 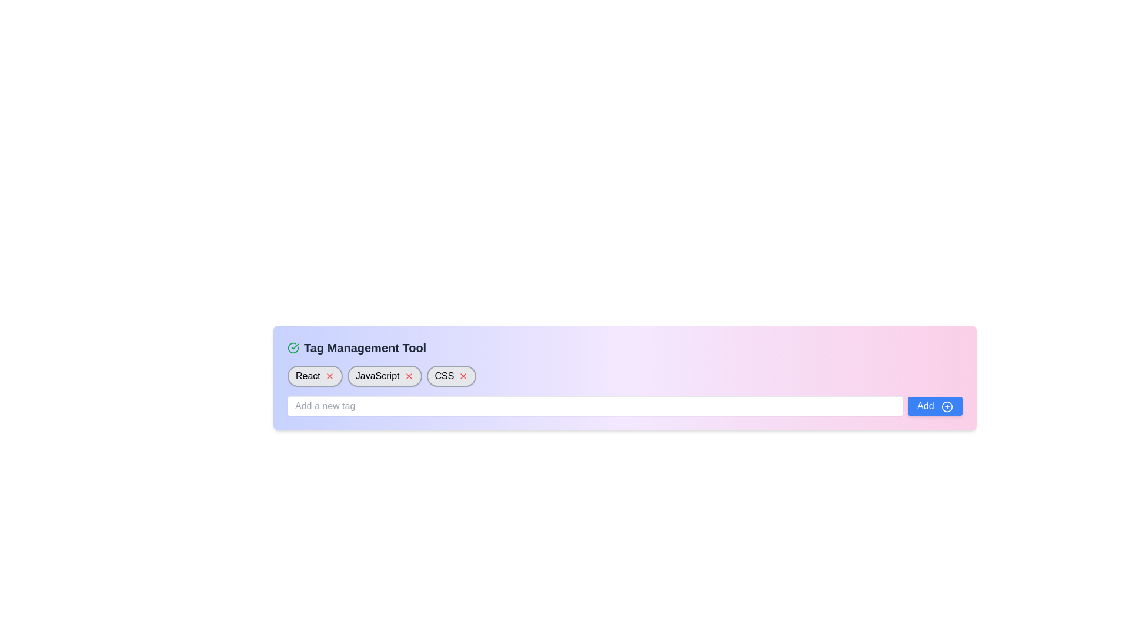 I want to click on the Icon button located to the immediate right of the 'Add' button, which serves as an indicator for adding new items, so click(x=947, y=405).